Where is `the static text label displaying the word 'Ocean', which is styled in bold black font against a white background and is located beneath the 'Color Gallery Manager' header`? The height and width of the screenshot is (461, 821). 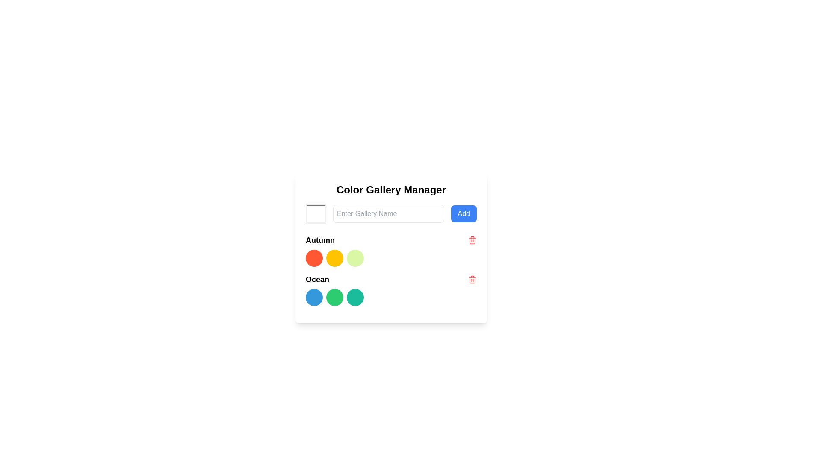
the static text label displaying the word 'Ocean', which is styled in bold black font against a white background and is located beneath the 'Color Gallery Manager' header is located at coordinates (317, 280).